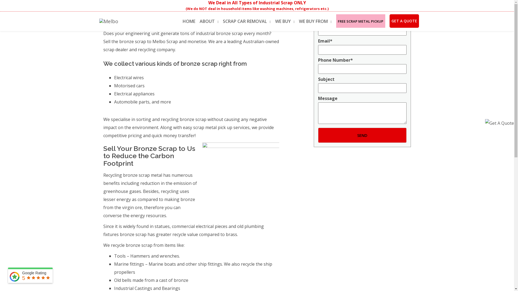 The width and height of the screenshot is (518, 291). What do you see at coordinates (404, 20) in the screenshot?
I see `'GET A QUOTE'` at bounding box center [404, 20].